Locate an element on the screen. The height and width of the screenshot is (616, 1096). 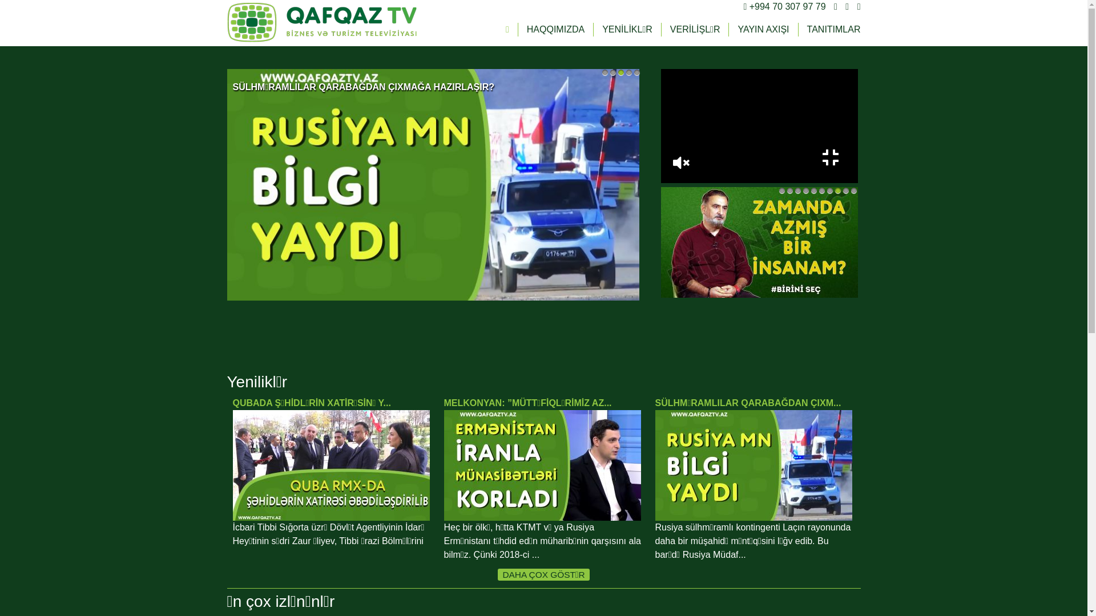
'2' is located at coordinates (609, 72).